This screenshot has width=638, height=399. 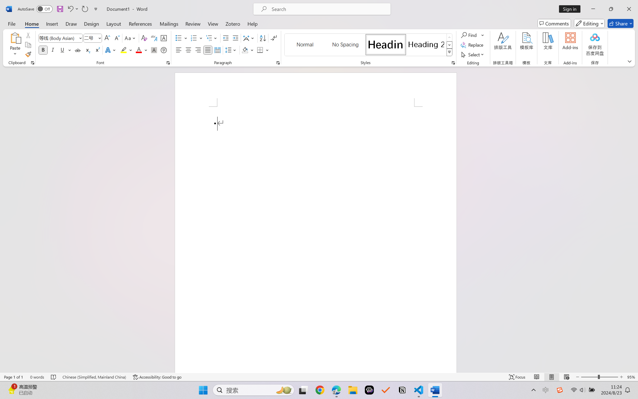 What do you see at coordinates (84, 9) in the screenshot?
I see `'Repeat Style'` at bounding box center [84, 9].